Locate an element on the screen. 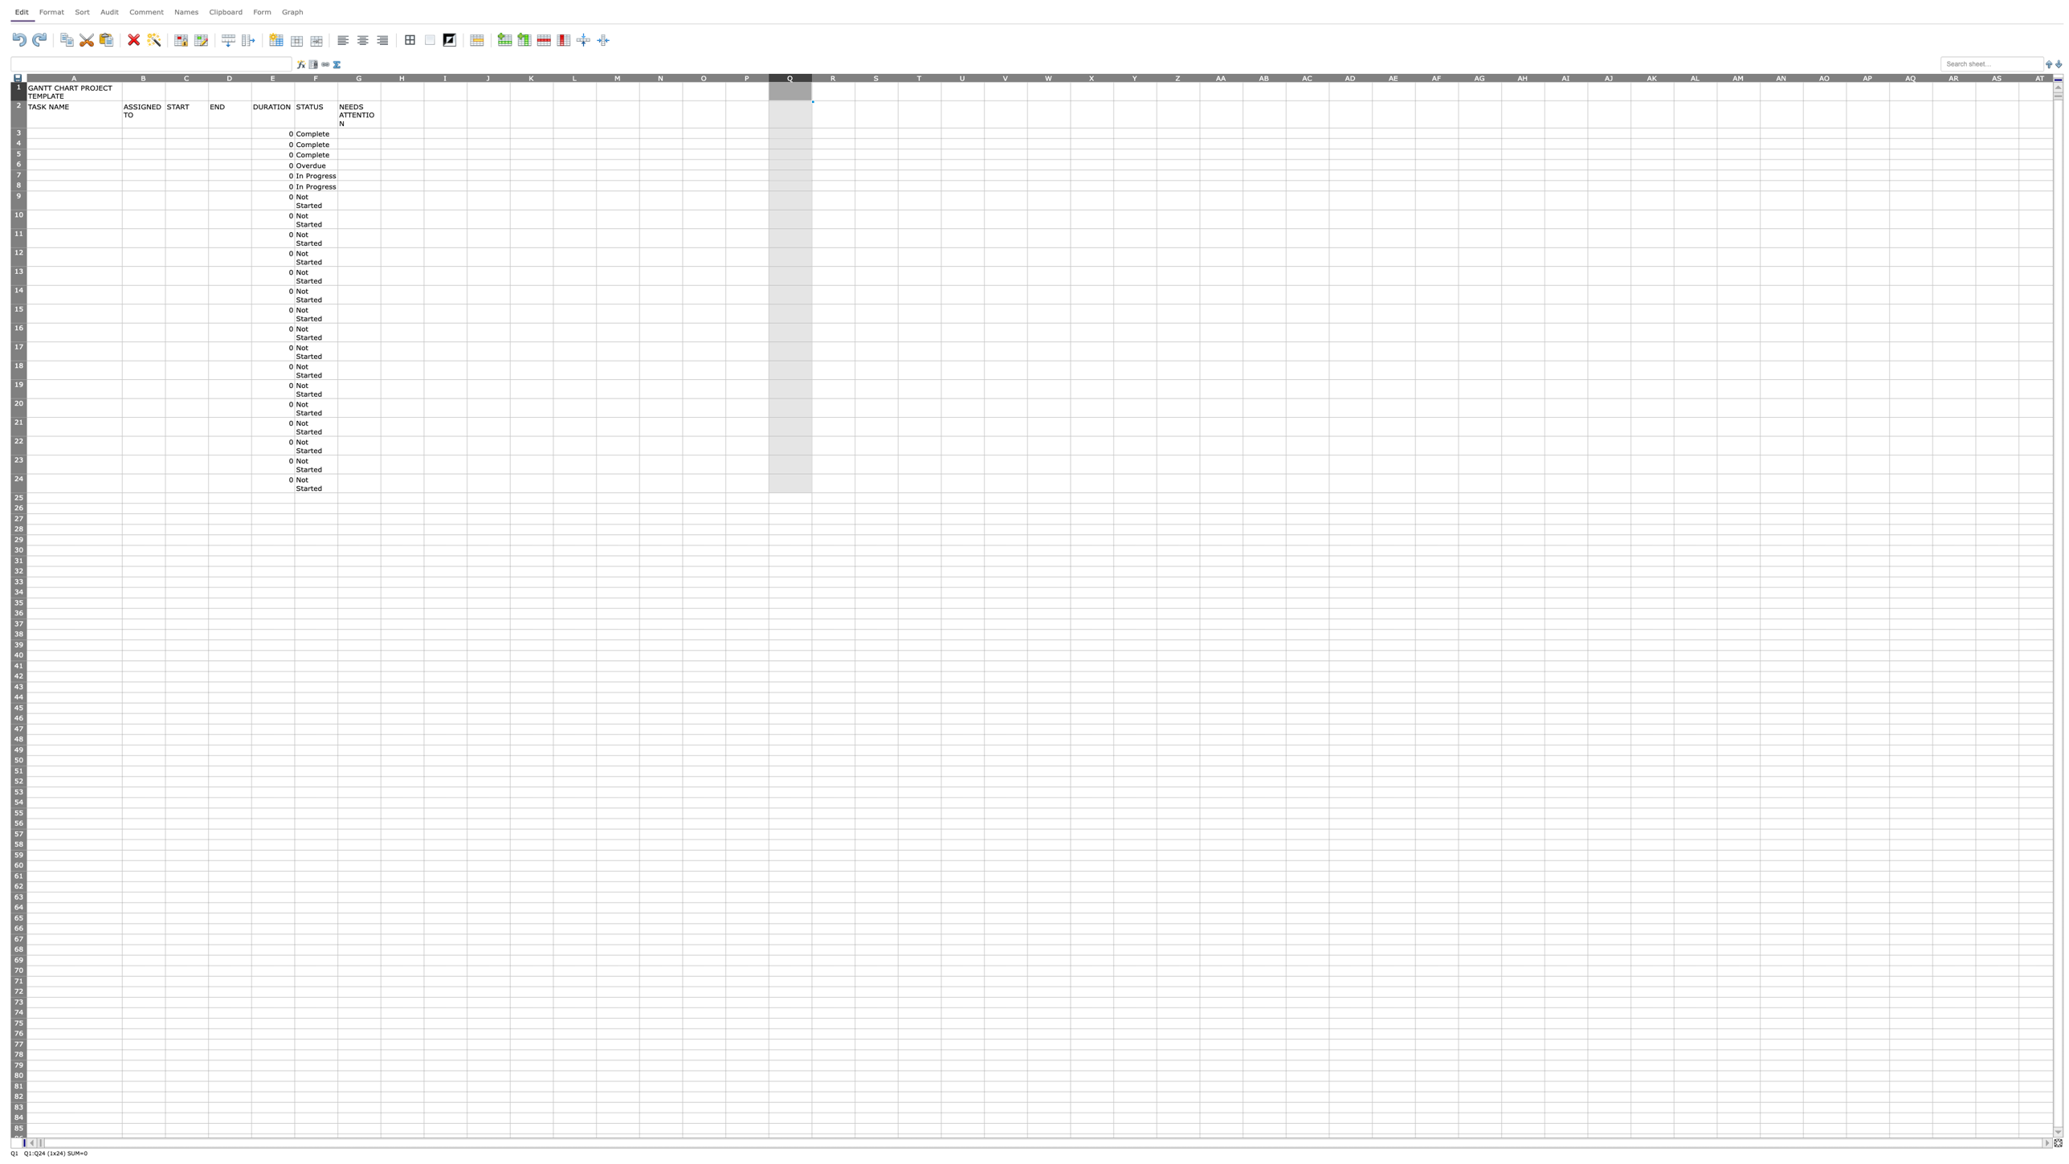  the resize handle of column T is located at coordinates (941, 76).